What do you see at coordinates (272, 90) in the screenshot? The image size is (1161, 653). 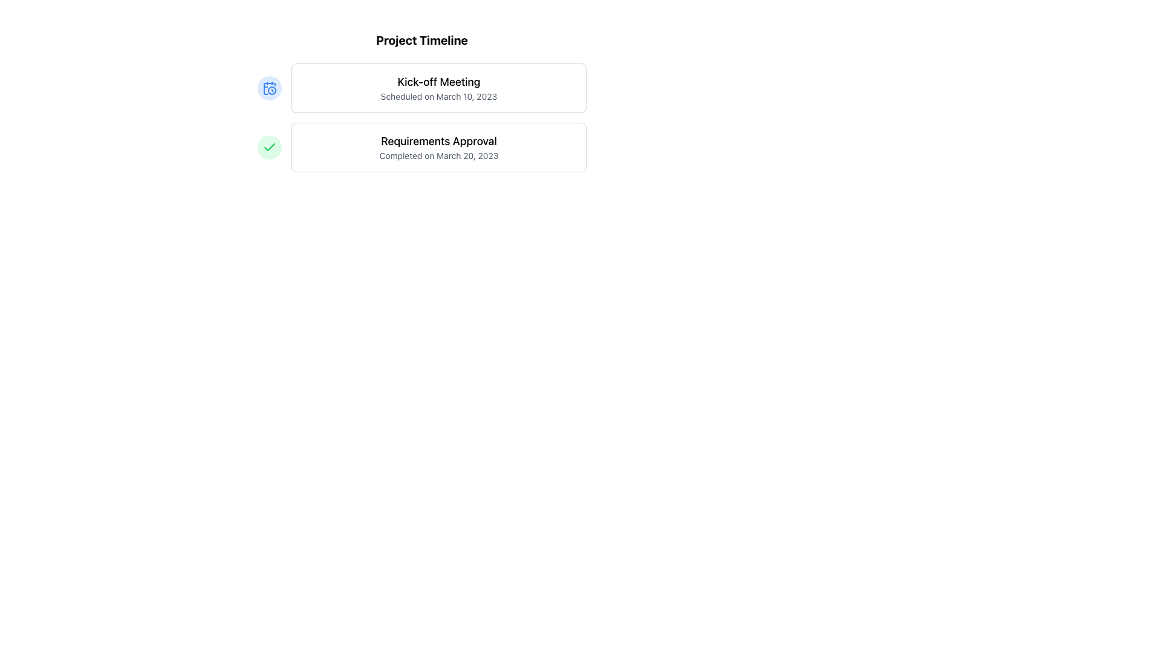 I see `the SVG circle element that represents the graphical detail of the calendar-clock symbol for the 'Kick-off Meeting' entry in the 'Project Timeline' section` at bounding box center [272, 90].